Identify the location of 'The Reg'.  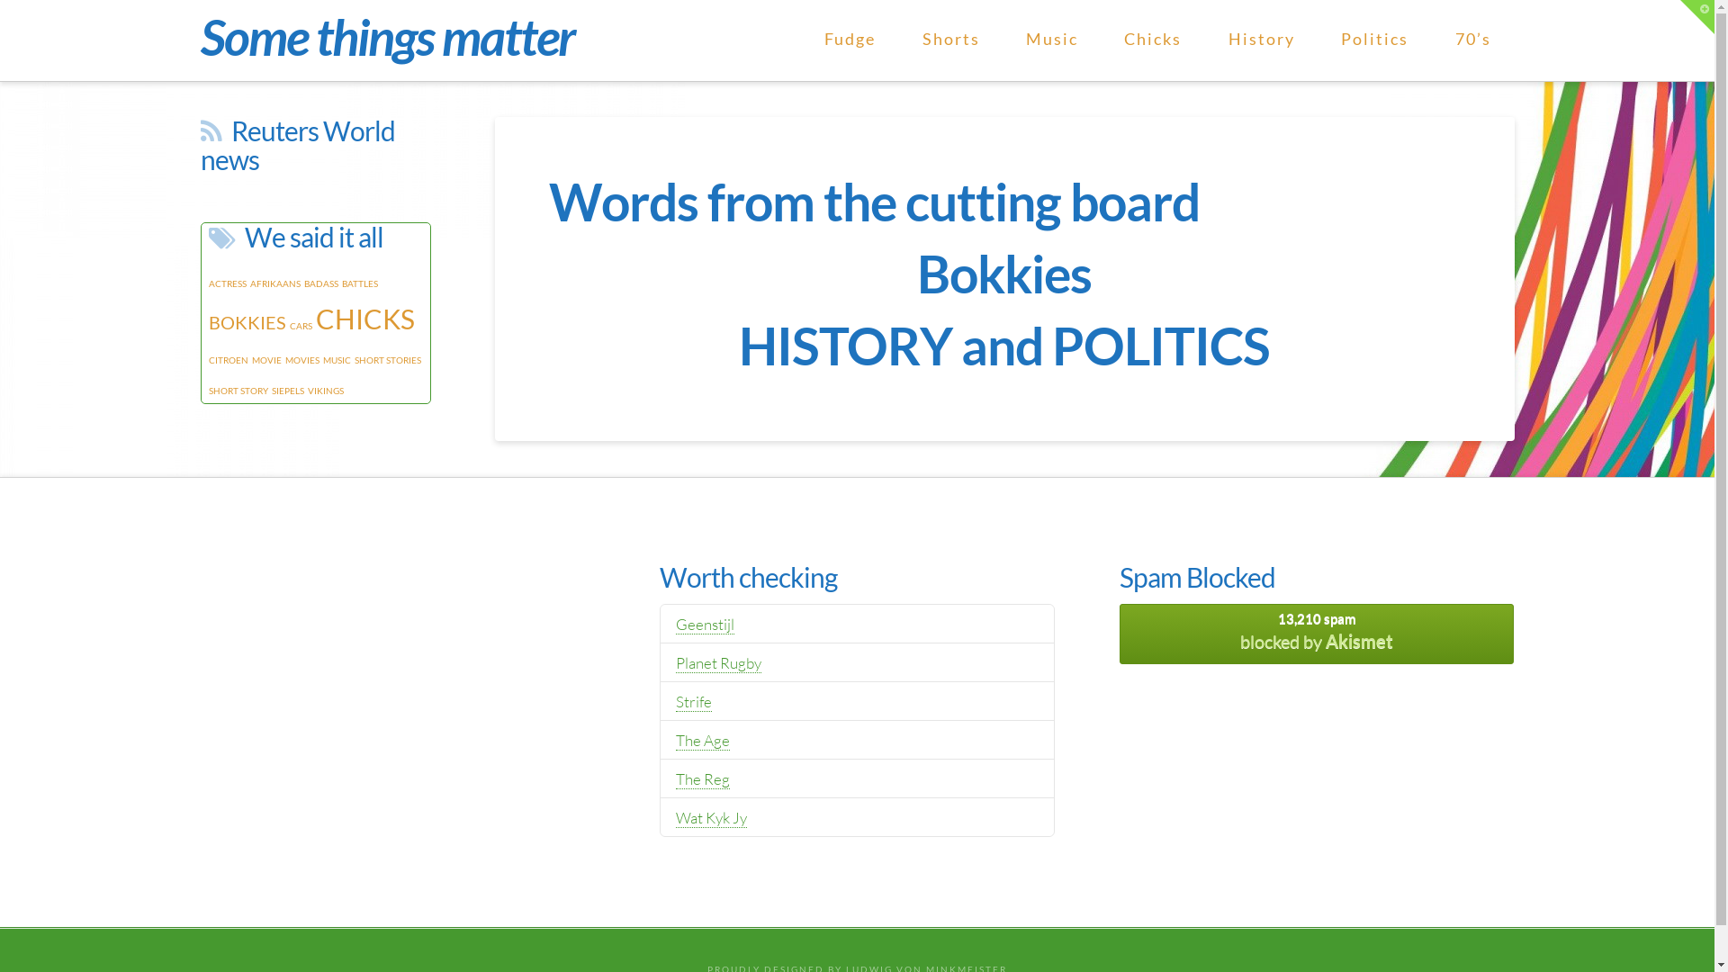
(702, 778).